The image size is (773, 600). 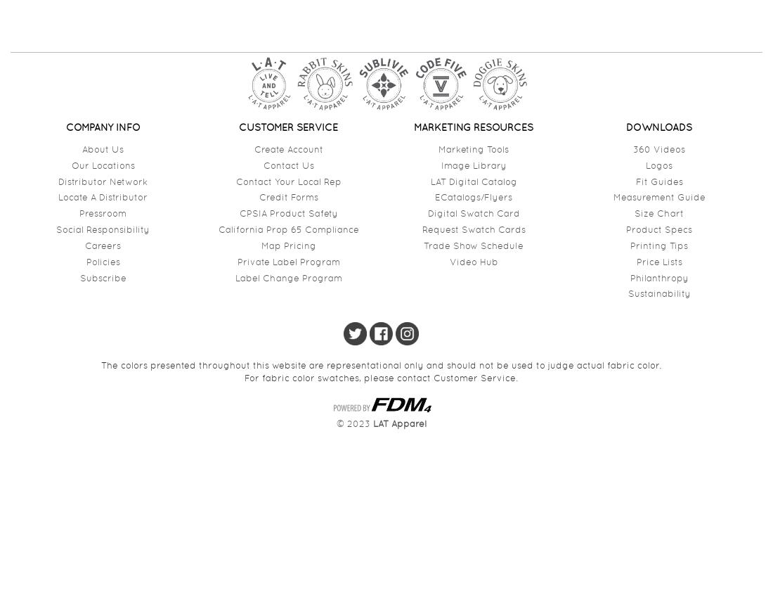 What do you see at coordinates (473, 148) in the screenshot?
I see `'Marketing Tools'` at bounding box center [473, 148].